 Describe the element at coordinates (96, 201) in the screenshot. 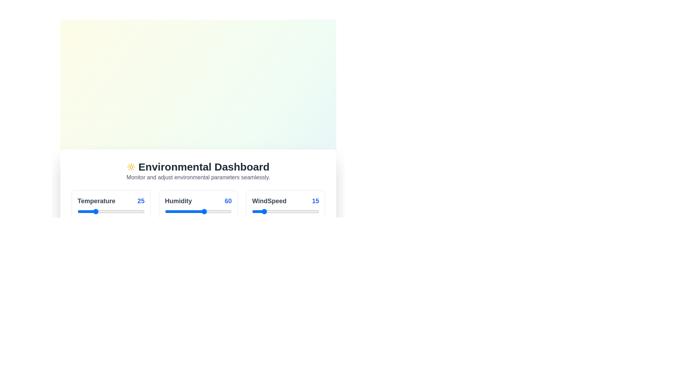

I see `the 'Temperature' text label, which is styled in a bold, large font and located to the left of the numeric value '25' and above the slider control` at that location.